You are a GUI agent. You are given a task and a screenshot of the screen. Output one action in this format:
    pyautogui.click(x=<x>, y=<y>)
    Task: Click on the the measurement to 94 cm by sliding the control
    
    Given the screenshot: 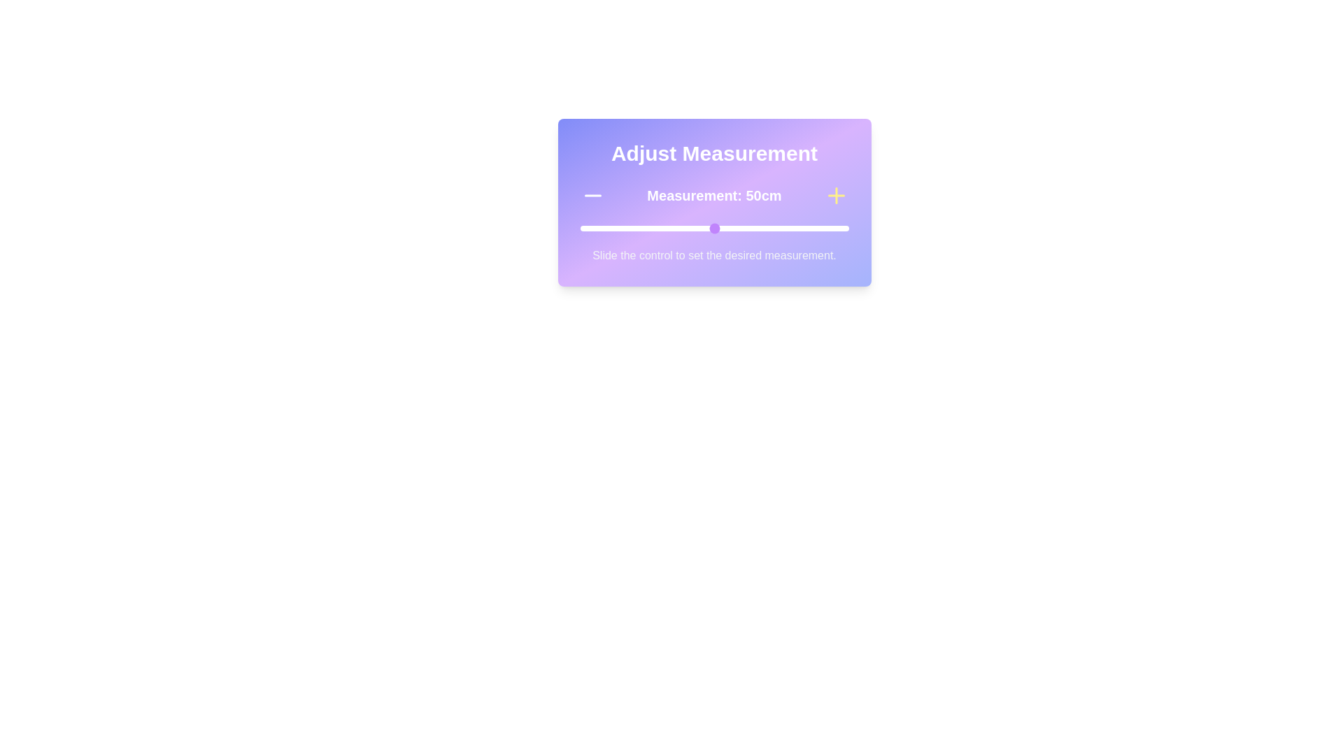 What is the action you would take?
    pyautogui.click(x=832, y=228)
    